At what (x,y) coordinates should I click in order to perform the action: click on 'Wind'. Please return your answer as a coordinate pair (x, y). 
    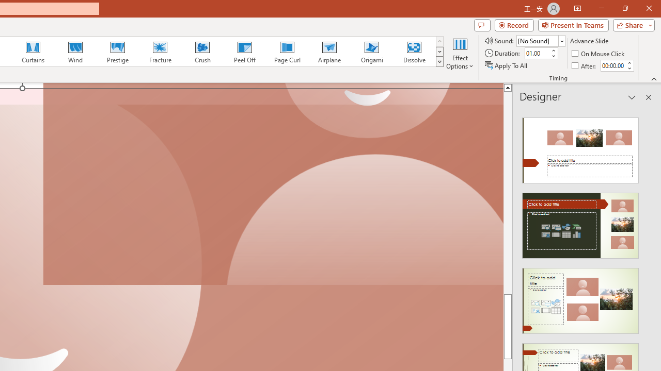
    Looking at the image, I should click on (74, 52).